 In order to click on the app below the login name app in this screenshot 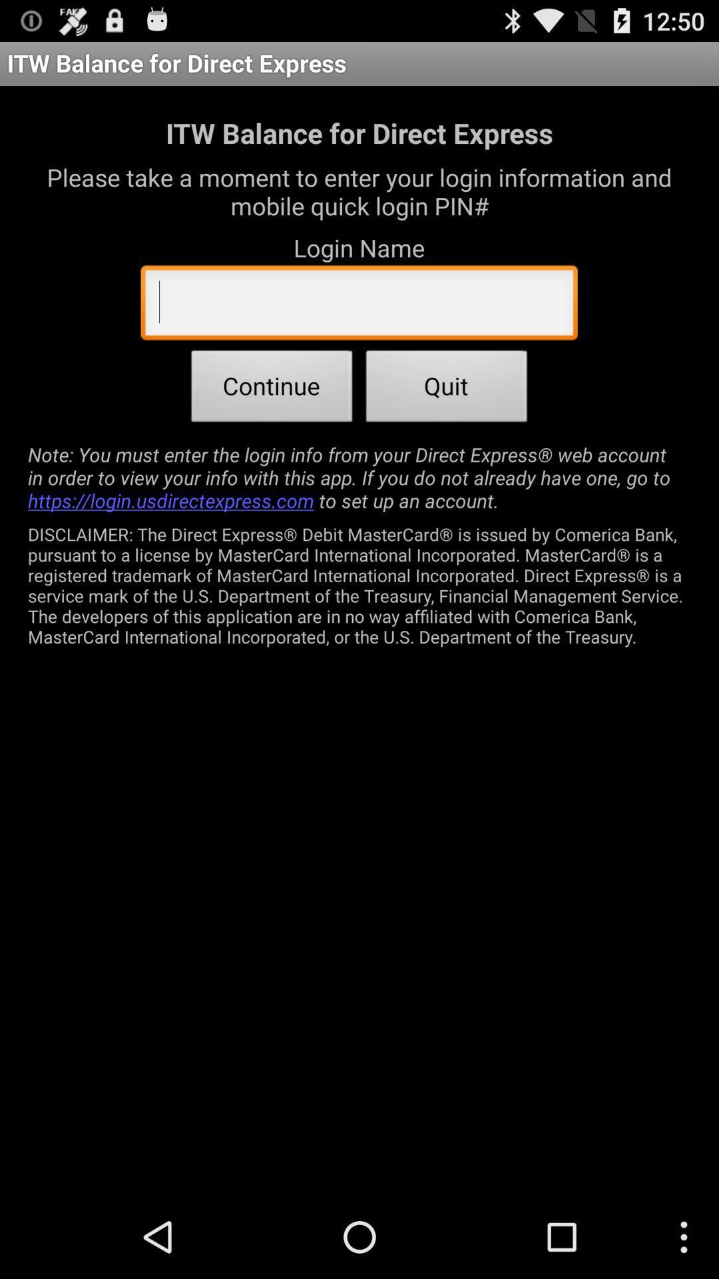, I will do `click(358, 305)`.